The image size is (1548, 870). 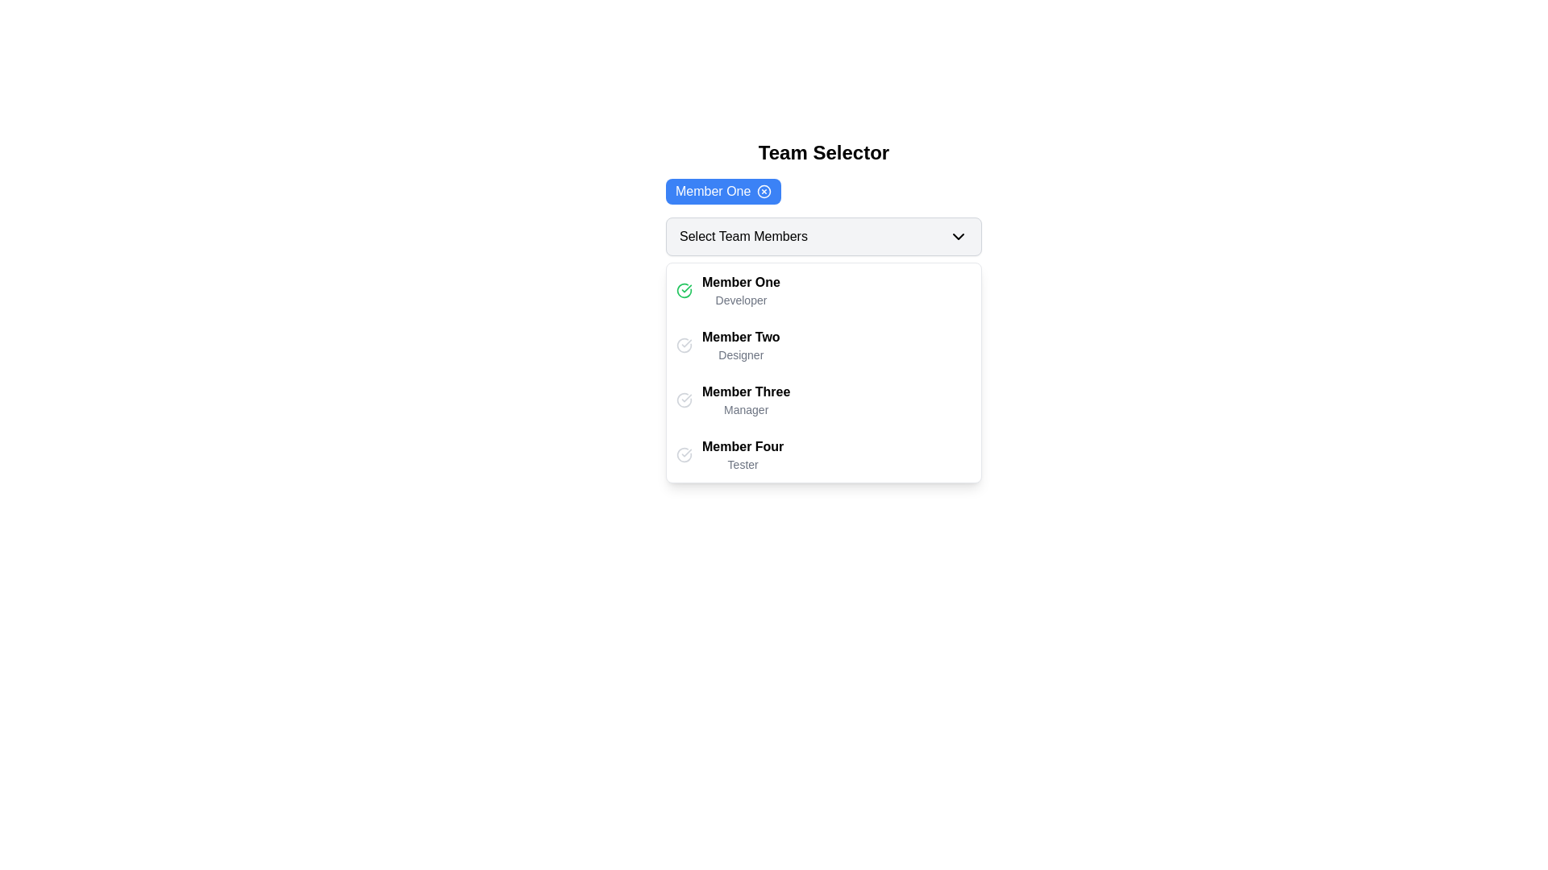 I want to click on the 'Member Four' text label, so click(x=742, y=446).